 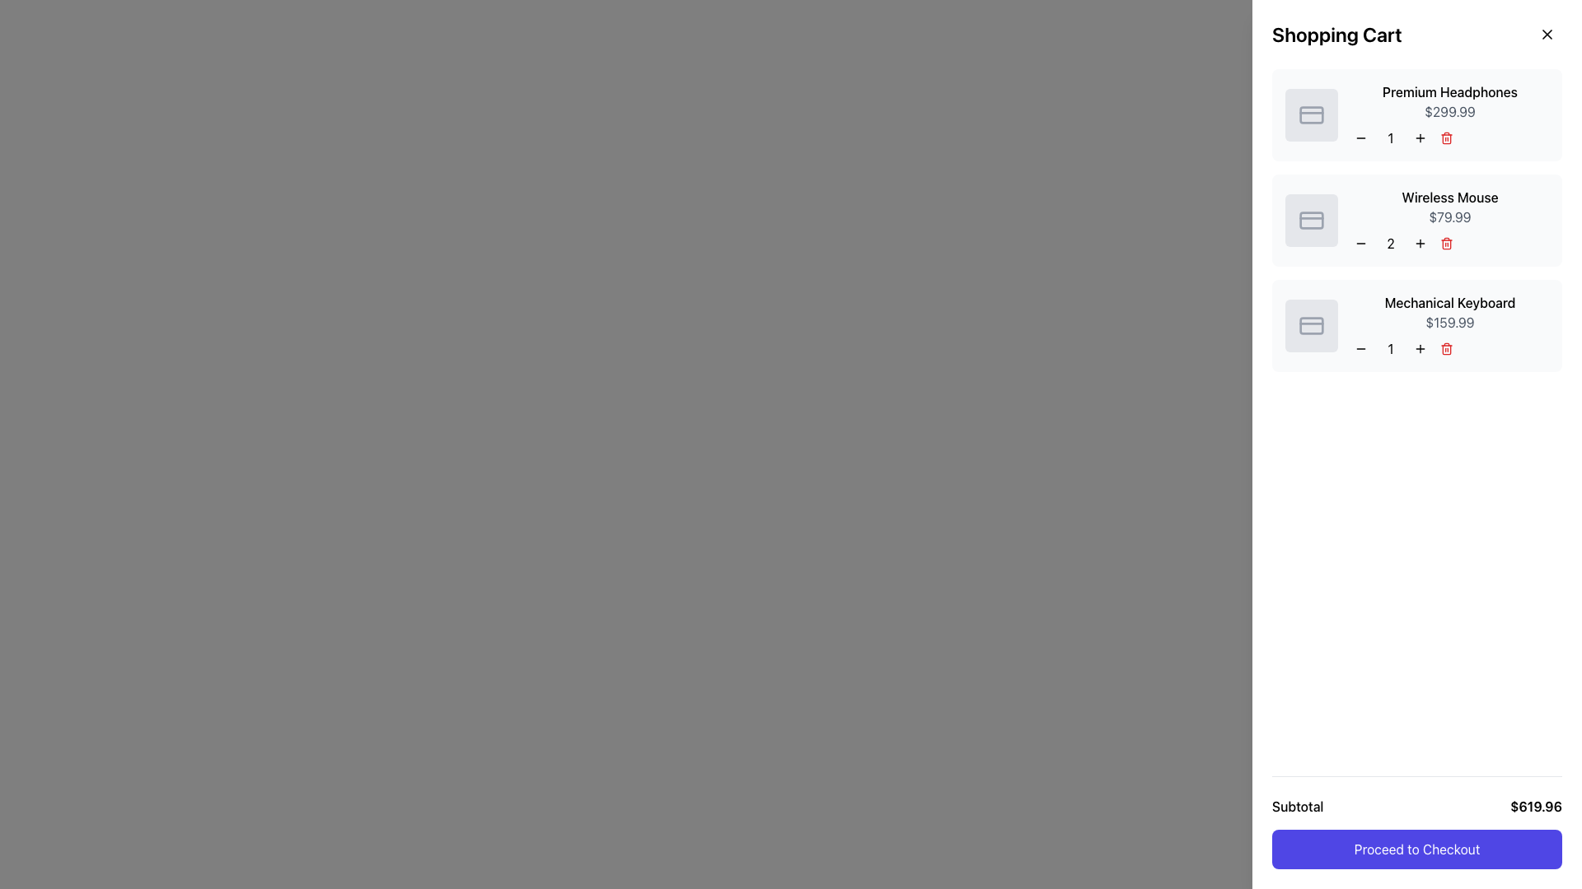 I want to click on the minus sign icon in the quantity adjuster area of the 'Wireless Mouse' item row in the shopping cart, so click(x=1360, y=244).